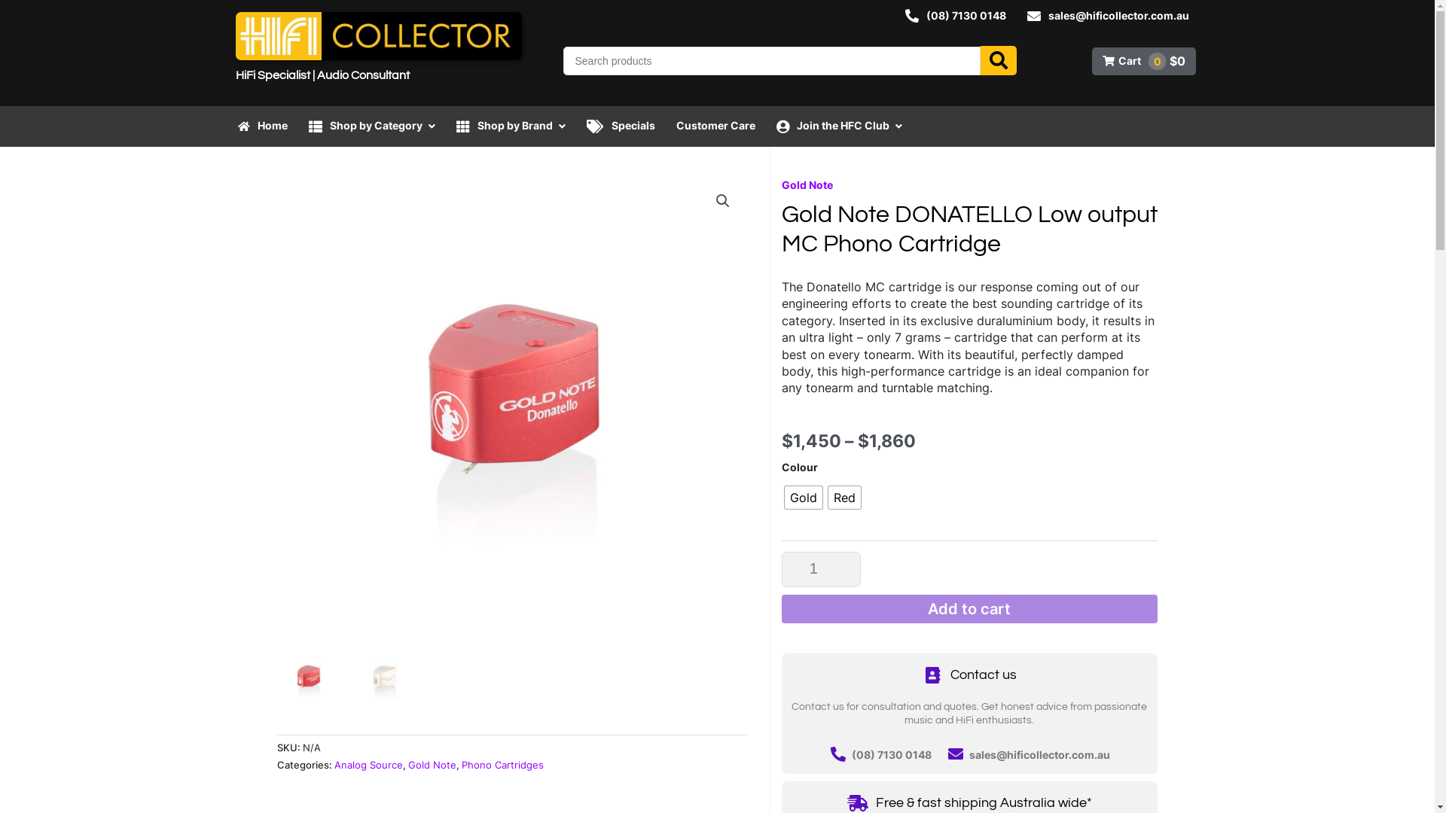 The width and height of the screenshot is (1446, 813). Describe the element at coordinates (715, 124) in the screenshot. I see `'Customer Care'` at that location.